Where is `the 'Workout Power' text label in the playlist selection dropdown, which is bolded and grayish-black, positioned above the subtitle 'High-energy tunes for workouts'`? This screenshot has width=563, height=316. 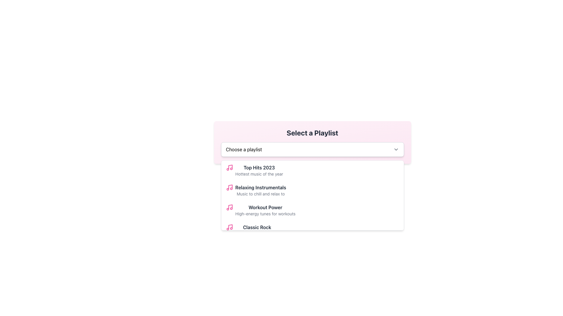
the 'Workout Power' text label in the playlist selection dropdown, which is bolded and grayish-black, positioned above the subtitle 'High-energy tunes for workouts' is located at coordinates (265, 207).